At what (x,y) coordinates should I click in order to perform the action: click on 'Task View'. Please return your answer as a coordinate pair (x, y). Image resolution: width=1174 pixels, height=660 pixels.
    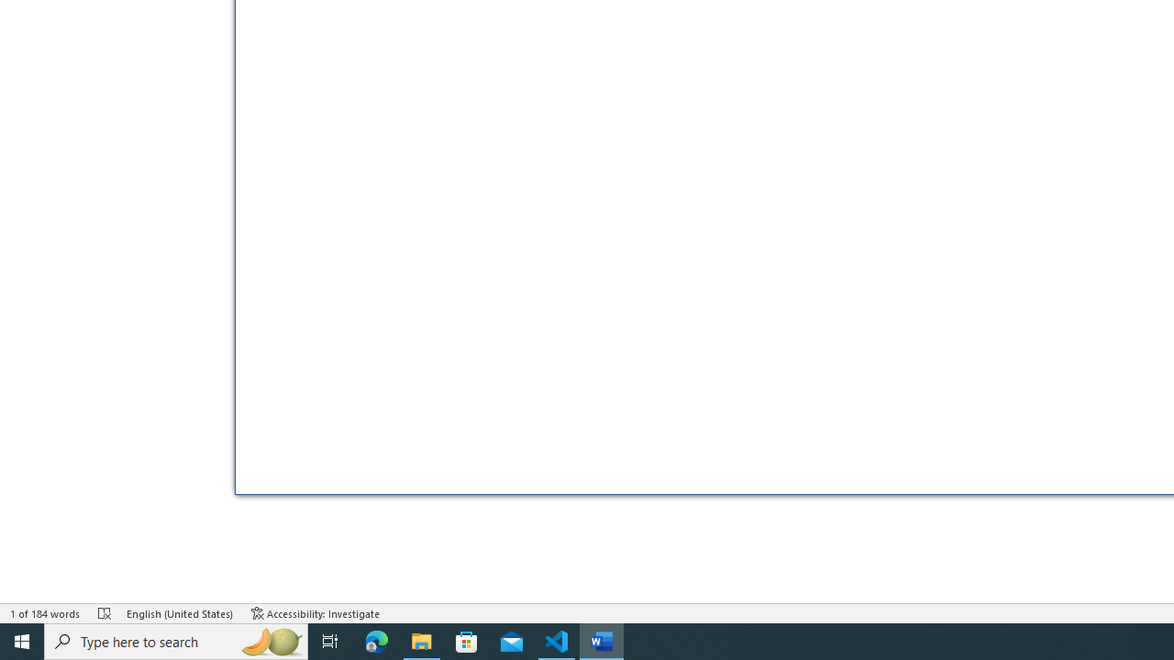
    Looking at the image, I should click on (329, 640).